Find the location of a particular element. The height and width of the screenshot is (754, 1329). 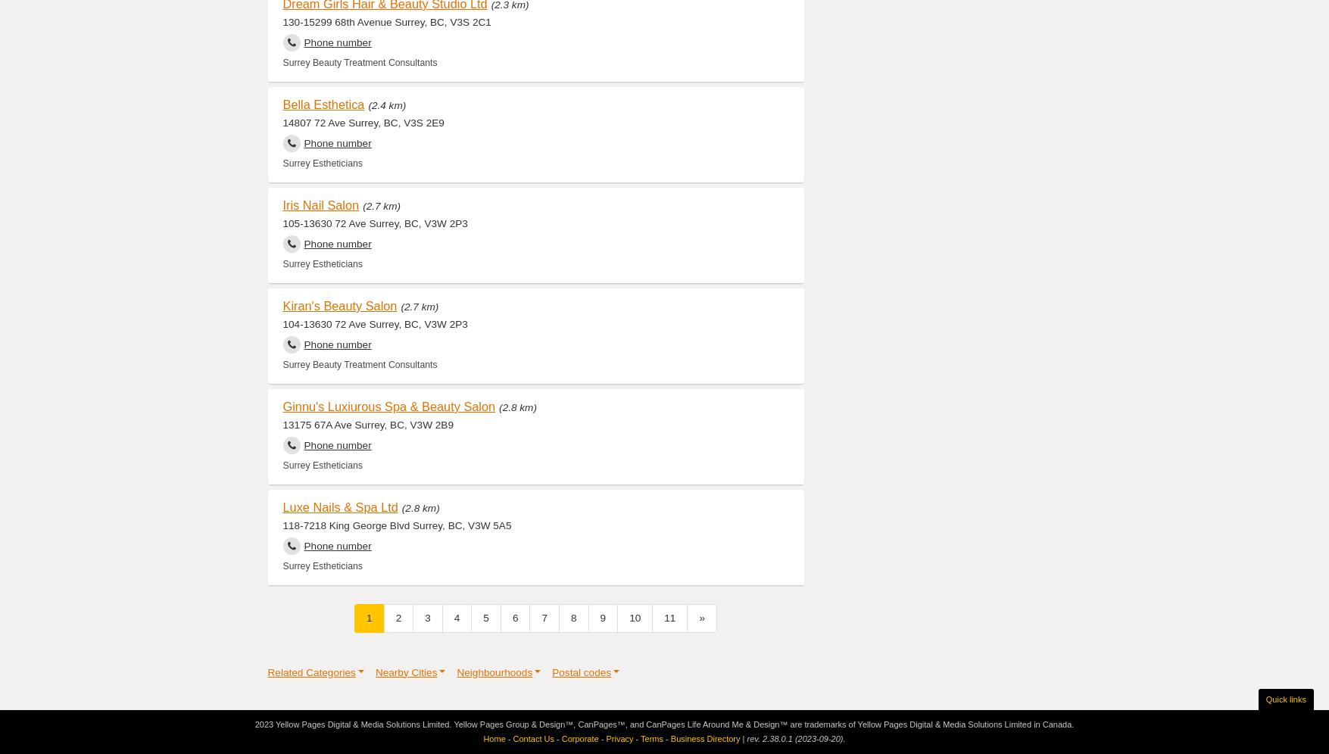

'Postal codes' is located at coordinates (580, 671).